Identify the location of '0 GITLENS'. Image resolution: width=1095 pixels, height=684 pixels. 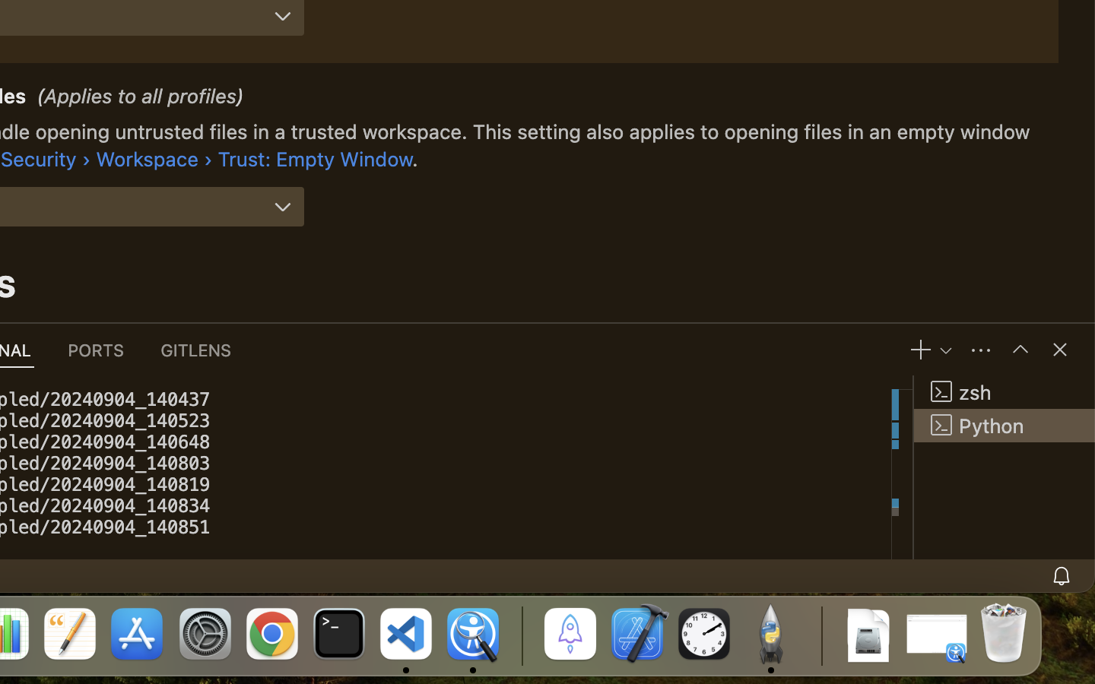
(196, 348).